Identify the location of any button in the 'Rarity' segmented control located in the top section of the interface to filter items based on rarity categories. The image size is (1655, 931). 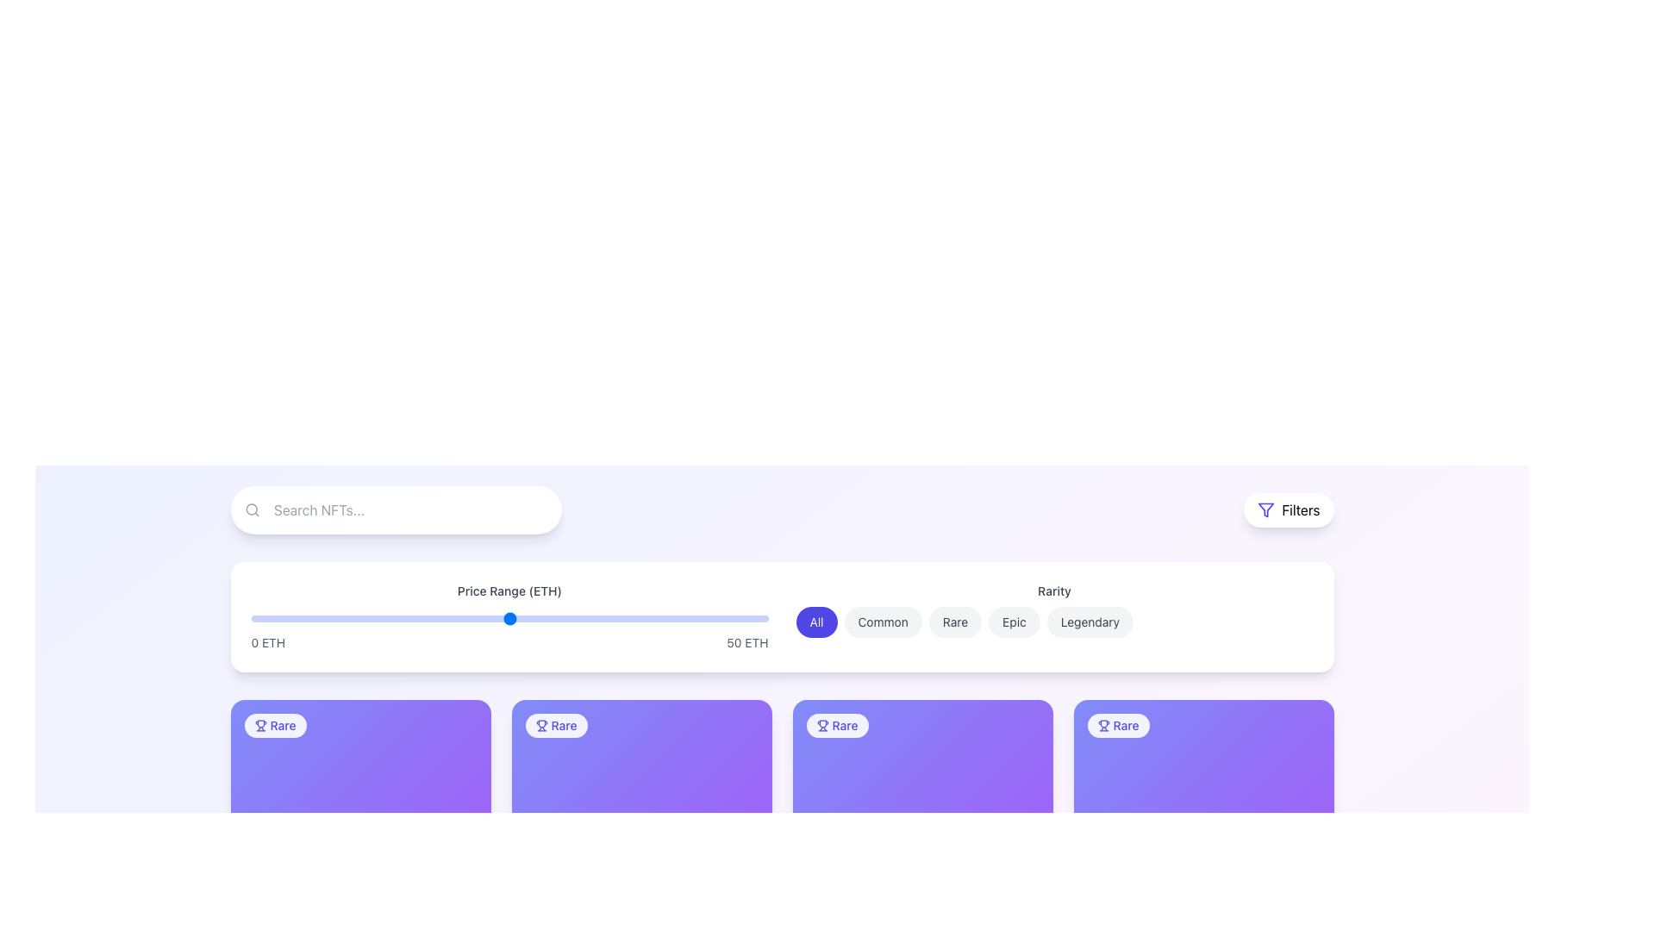
(1053, 616).